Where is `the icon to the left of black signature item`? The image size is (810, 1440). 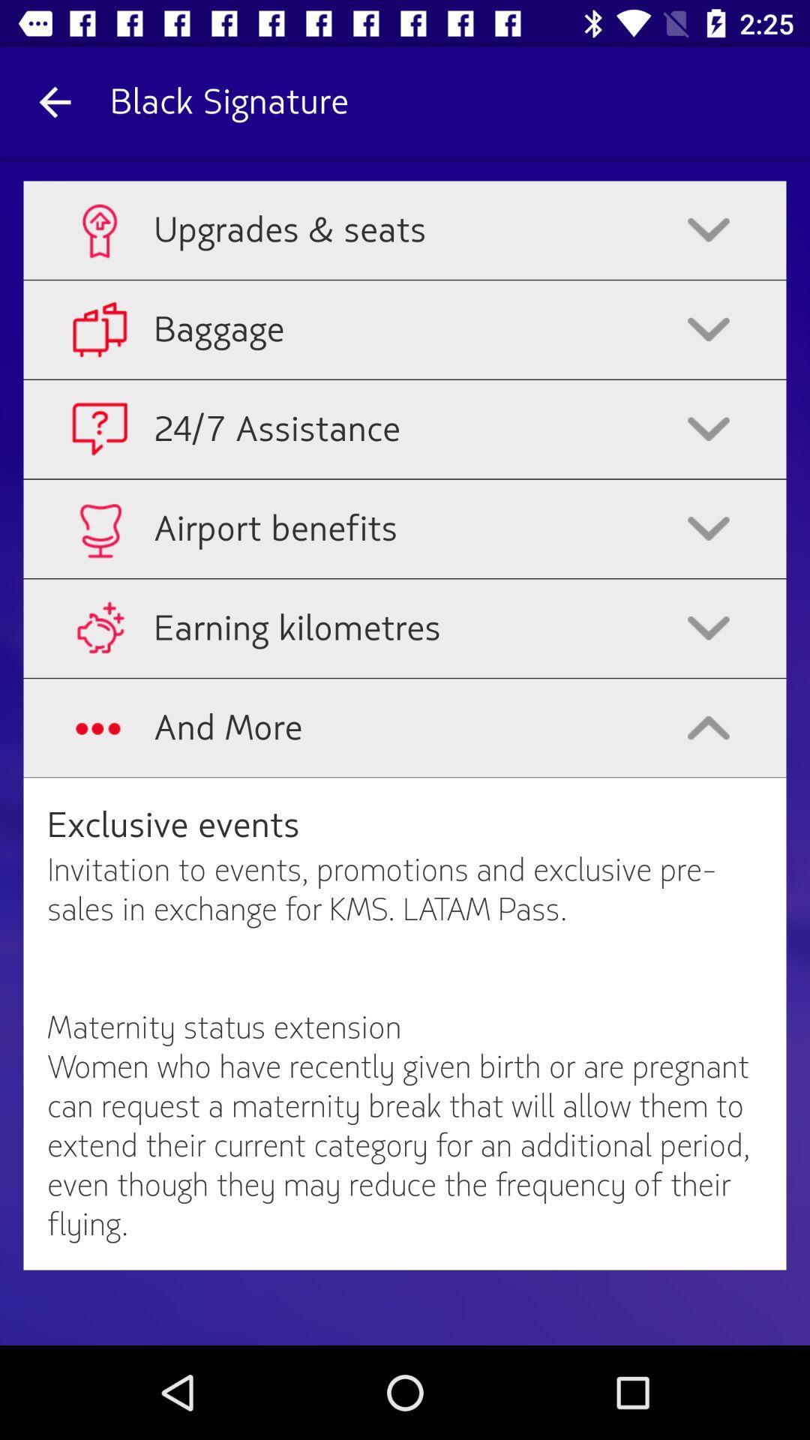 the icon to the left of black signature item is located at coordinates (54, 101).